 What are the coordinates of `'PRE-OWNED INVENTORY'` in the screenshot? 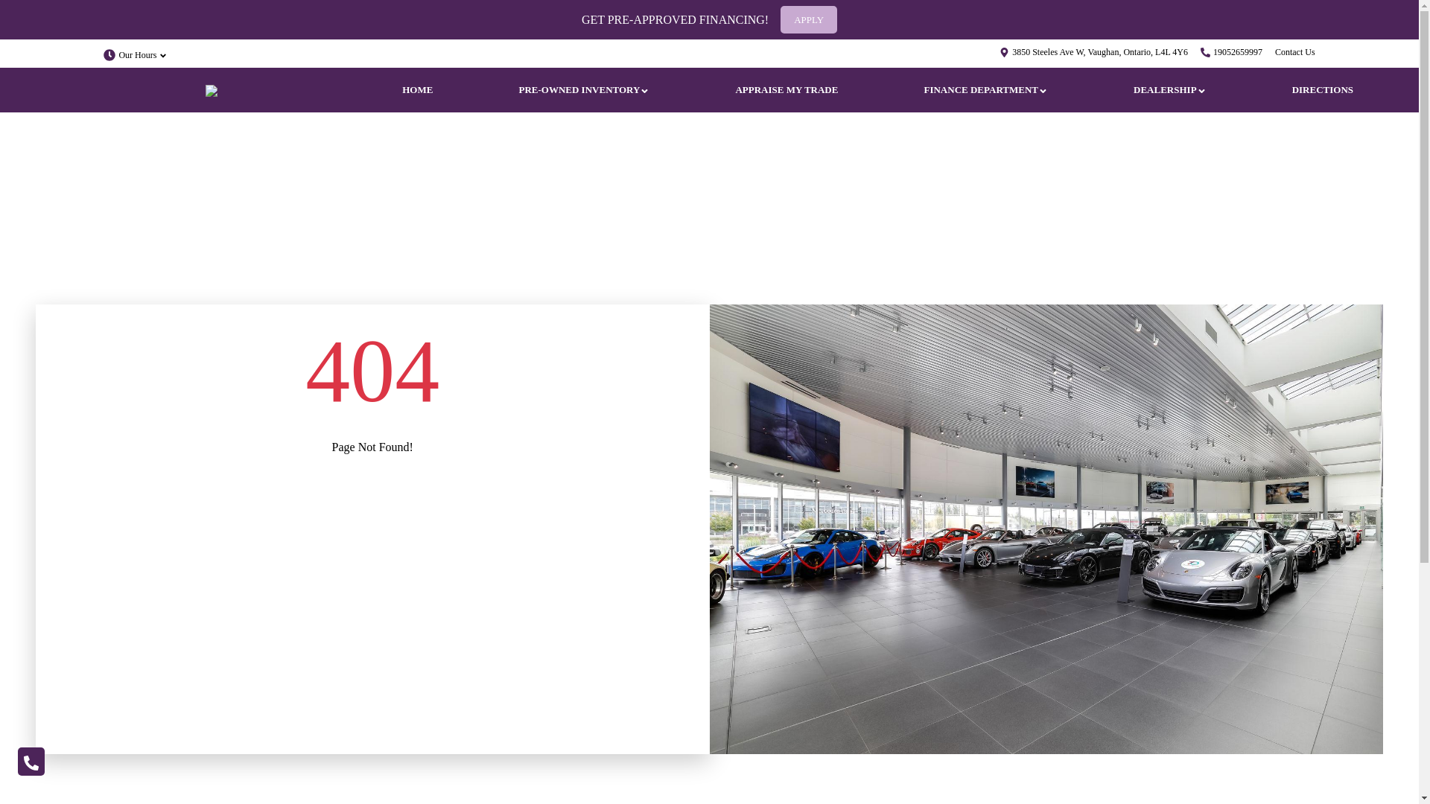 It's located at (582, 89).